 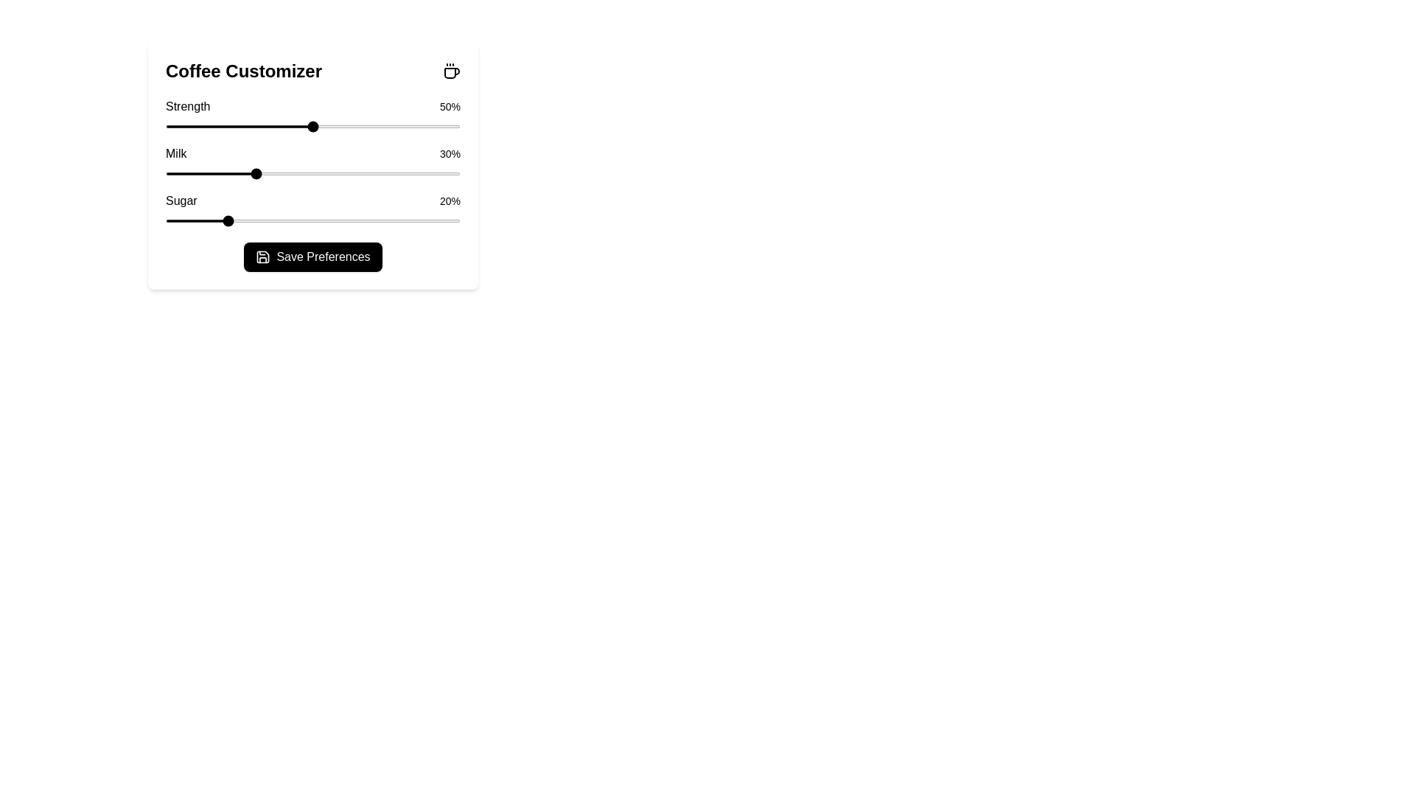 I want to click on the strength slider, so click(x=257, y=126).